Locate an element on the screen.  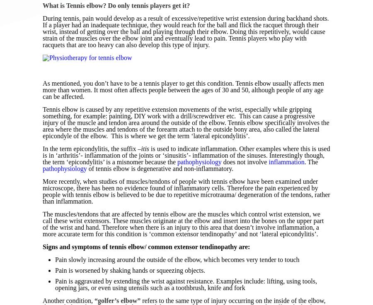
'Another condition,' is located at coordinates (42, 300).